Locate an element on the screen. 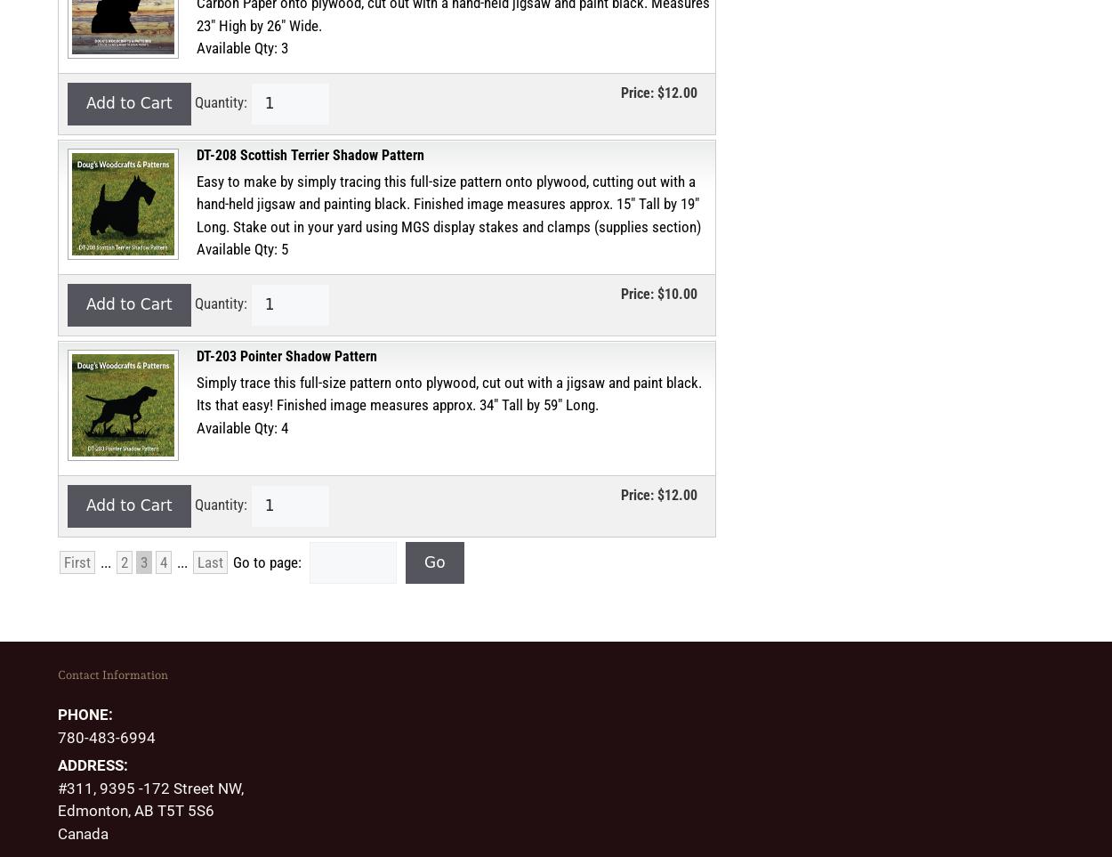 The height and width of the screenshot is (857, 1112). 'Edmonton, AB T5T 5S6' is located at coordinates (136, 809).